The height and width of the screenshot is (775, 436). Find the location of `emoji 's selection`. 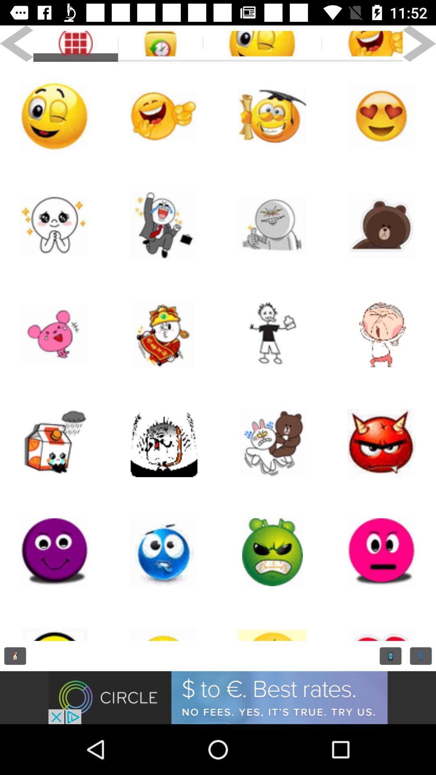

emoji 's selection is located at coordinates (55, 443).